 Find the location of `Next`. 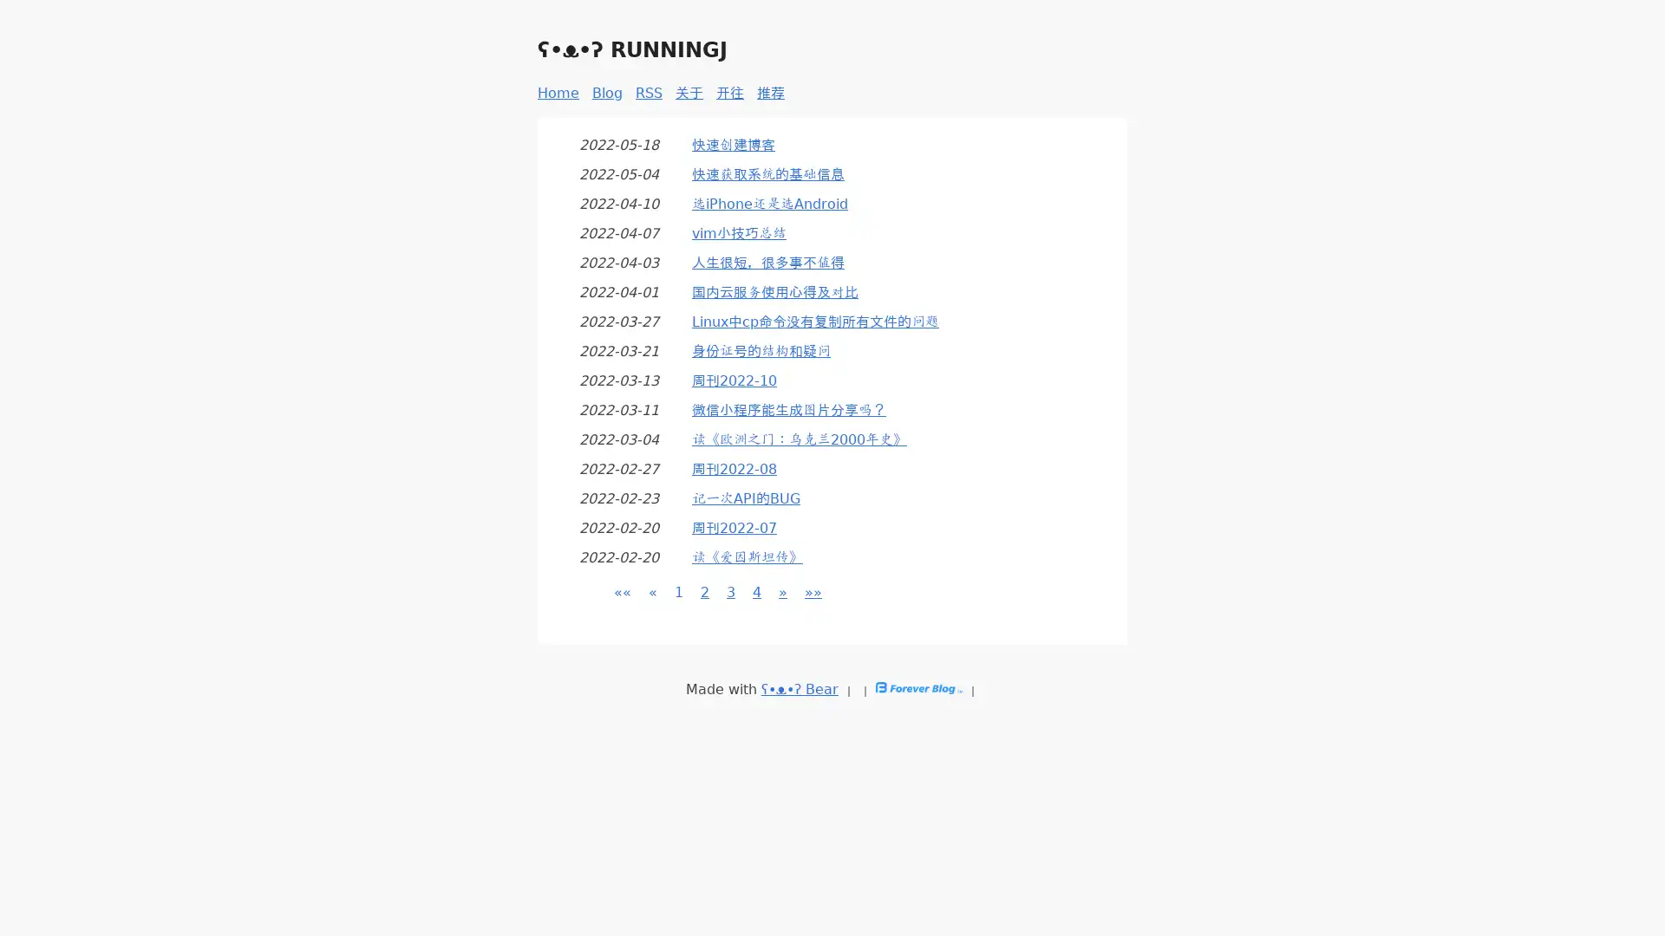

Next is located at coordinates (781, 590).